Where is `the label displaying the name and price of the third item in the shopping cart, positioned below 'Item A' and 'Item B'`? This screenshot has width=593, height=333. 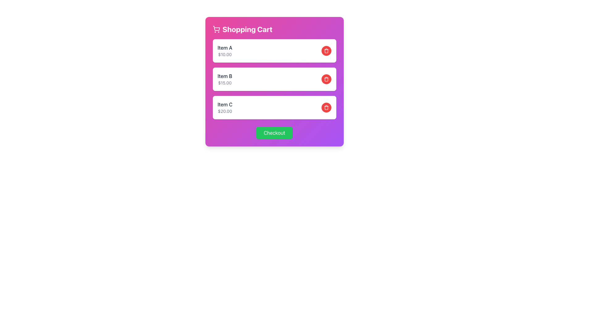 the label displaying the name and price of the third item in the shopping cart, positioned below 'Item A' and 'Item B' is located at coordinates (225, 107).